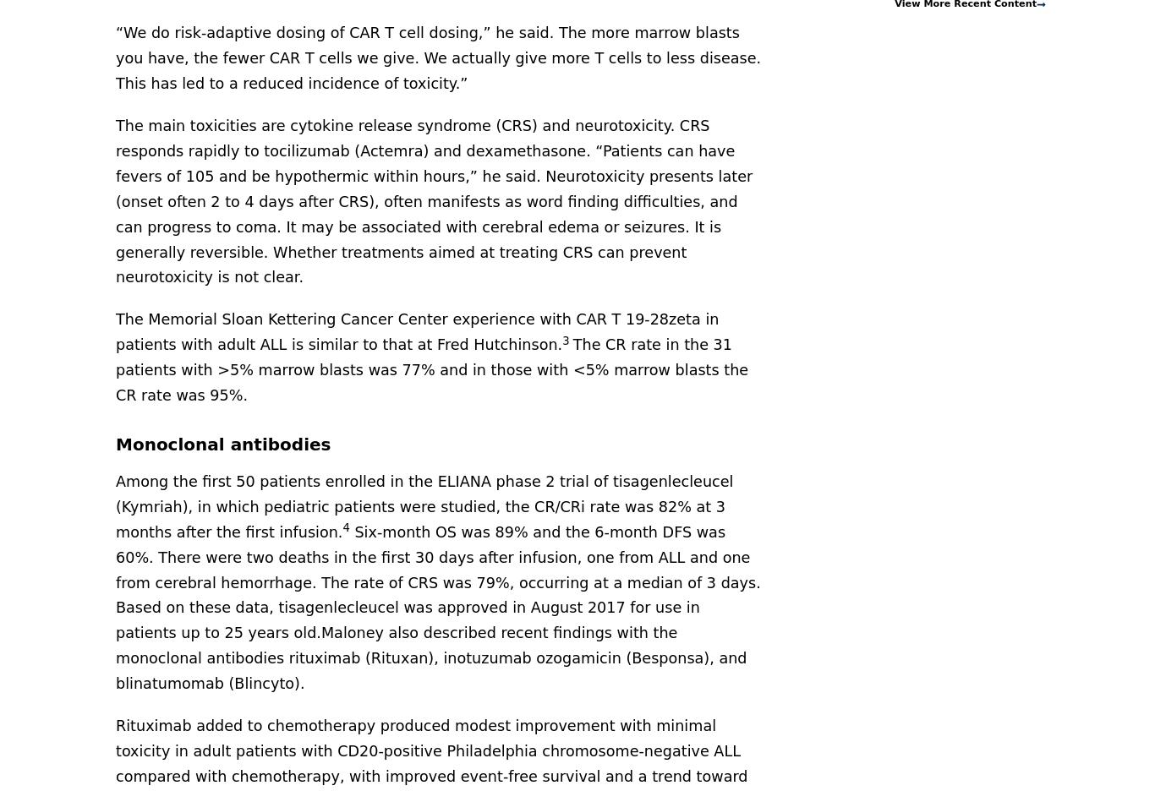 Image resolution: width=1155 pixels, height=791 pixels. Describe the element at coordinates (223, 444) in the screenshot. I see `'Monoclonal antibodies'` at that location.